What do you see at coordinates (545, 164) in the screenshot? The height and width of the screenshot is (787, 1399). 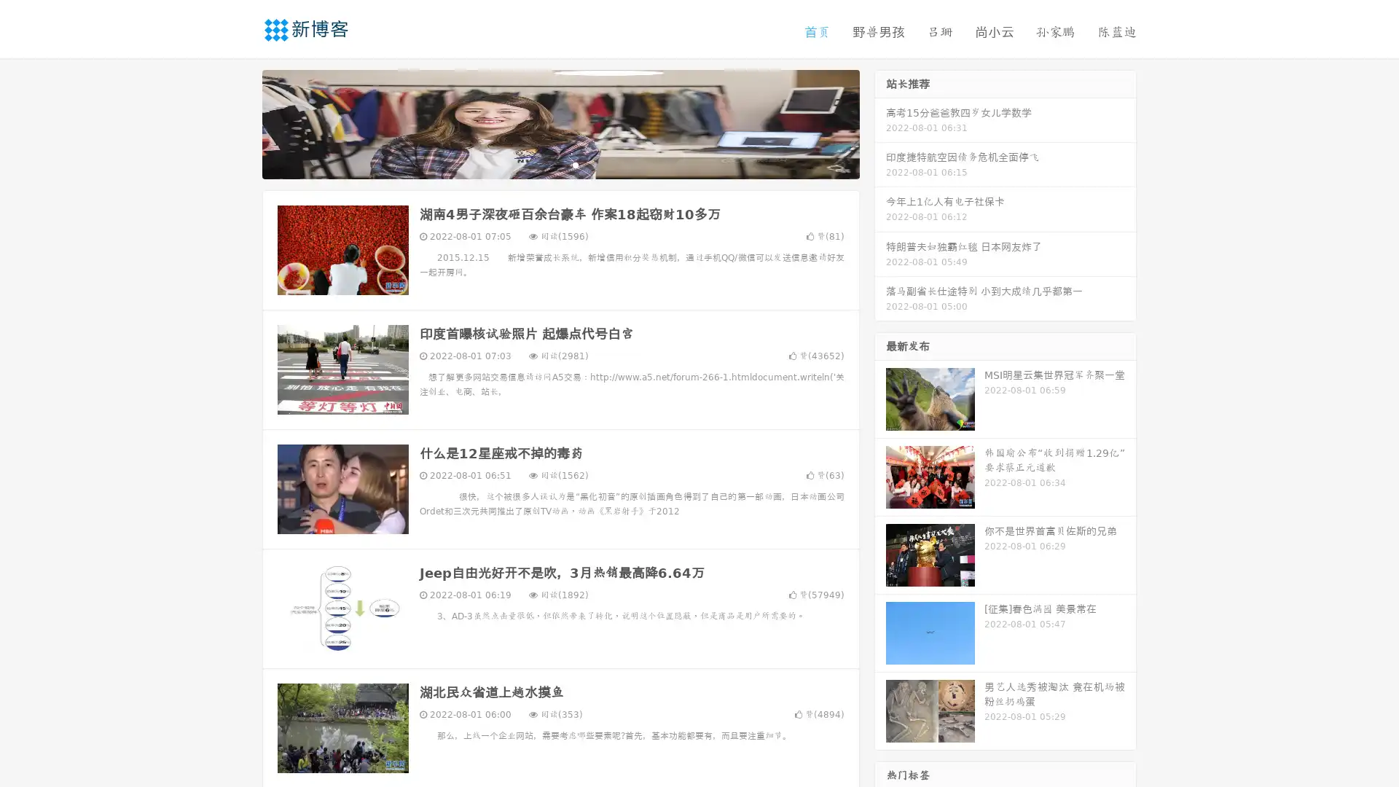 I see `Go to slide 1` at bounding box center [545, 164].